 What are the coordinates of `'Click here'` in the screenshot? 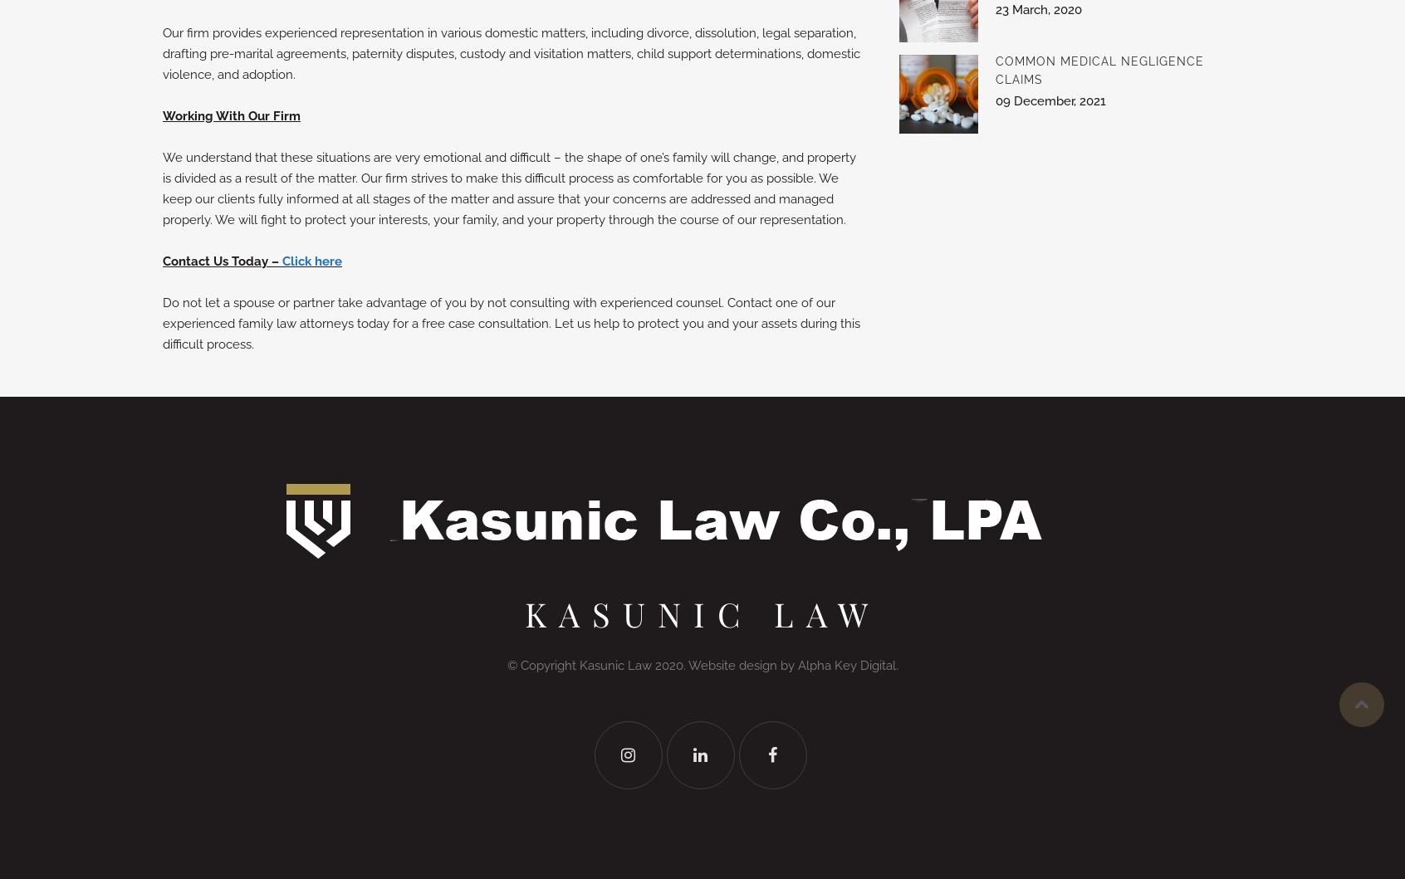 It's located at (311, 261).